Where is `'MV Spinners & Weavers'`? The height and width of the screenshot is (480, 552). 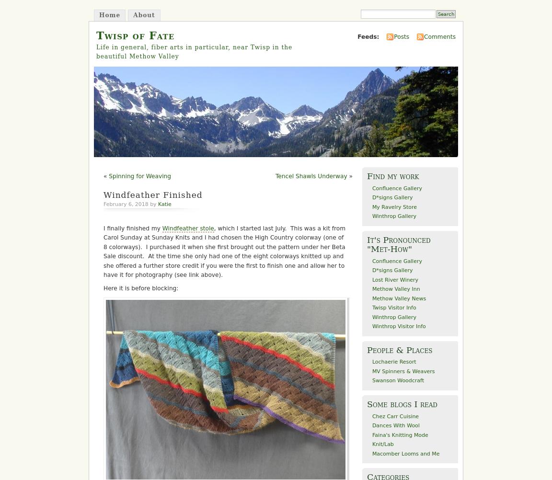
'MV Spinners & Weavers' is located at coordinates (403, 370).